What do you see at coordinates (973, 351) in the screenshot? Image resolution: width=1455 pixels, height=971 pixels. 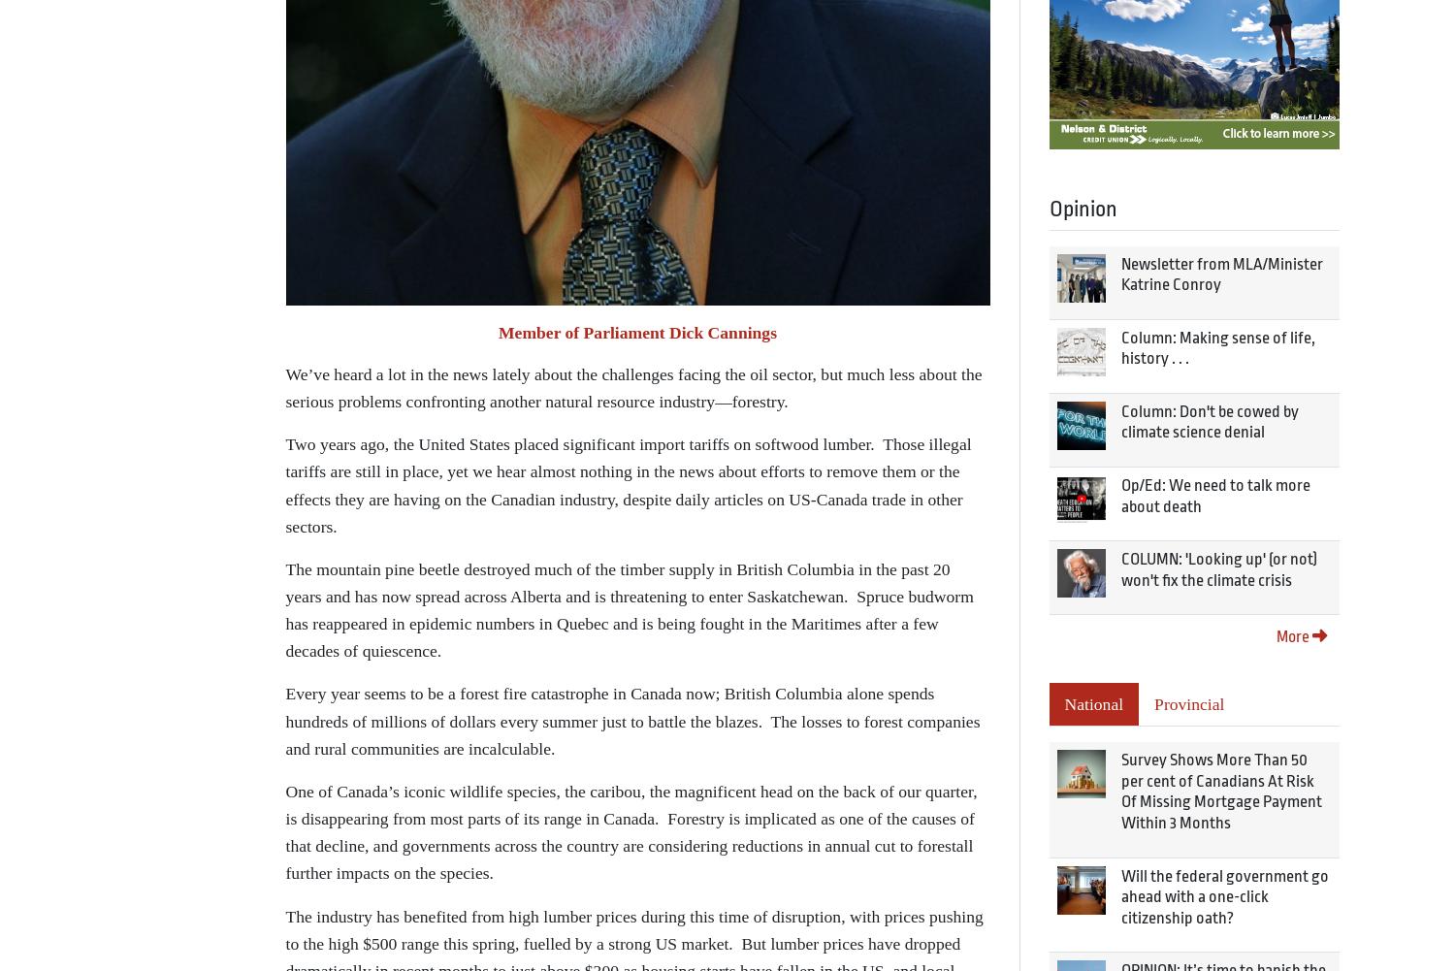 I see `'Editor:'` at bounding box center [973, 351].